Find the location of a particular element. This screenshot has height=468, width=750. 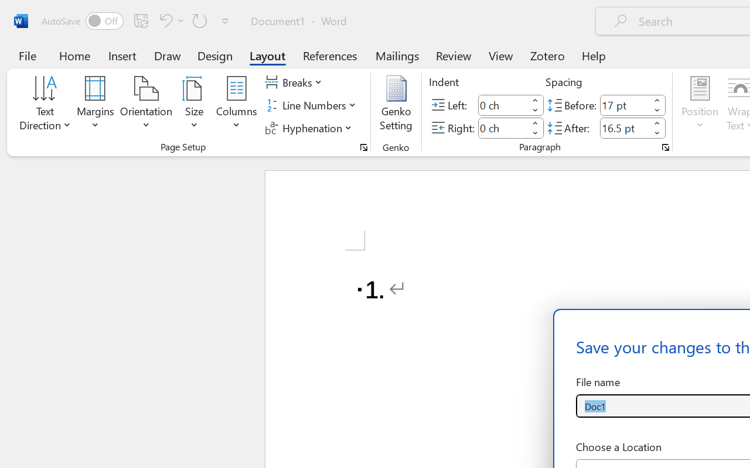

'Page Setup...' is located at coordinates (363, 147).